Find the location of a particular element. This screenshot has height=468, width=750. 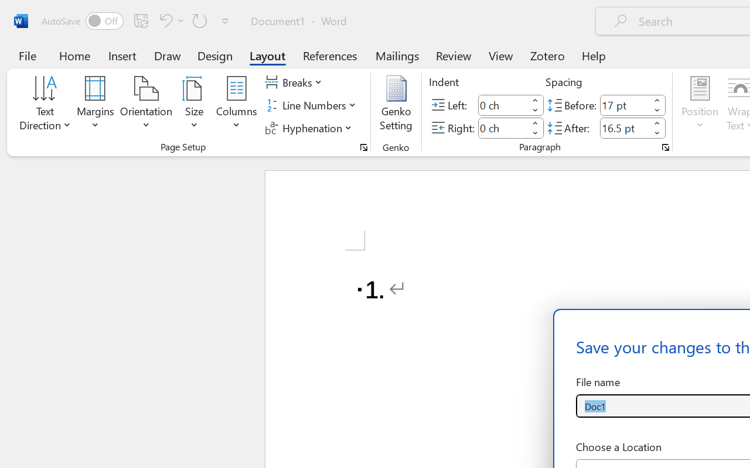

'Page Setup...' is located at coordinates (363, 147).